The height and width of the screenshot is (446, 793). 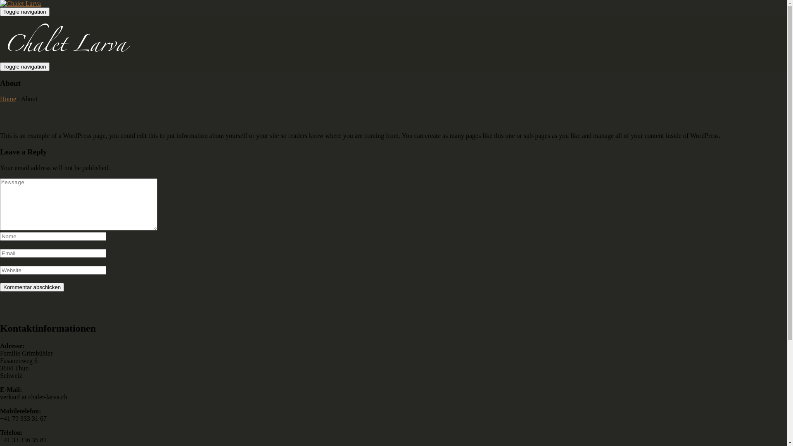 What do you see at coordinates (24, 66) in the screenshot?
I see `'Toggle navigation'` at bounding box center [24, 66].